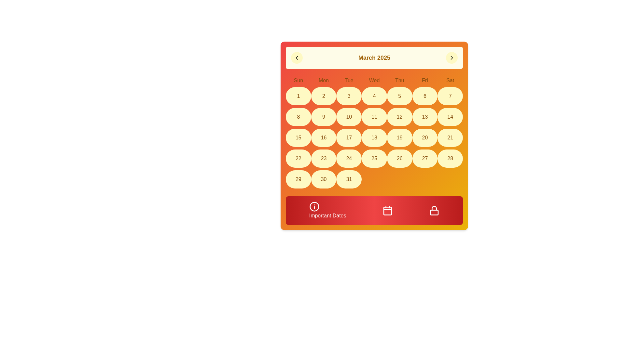 The height and width of the screenshot is (351, 625). What do you see at coordinates (399, 137) in the screenshot?
I see `the button-like text element representing the 19th day of March 2025 in the calendar grid` at bounding box center [399, 137].